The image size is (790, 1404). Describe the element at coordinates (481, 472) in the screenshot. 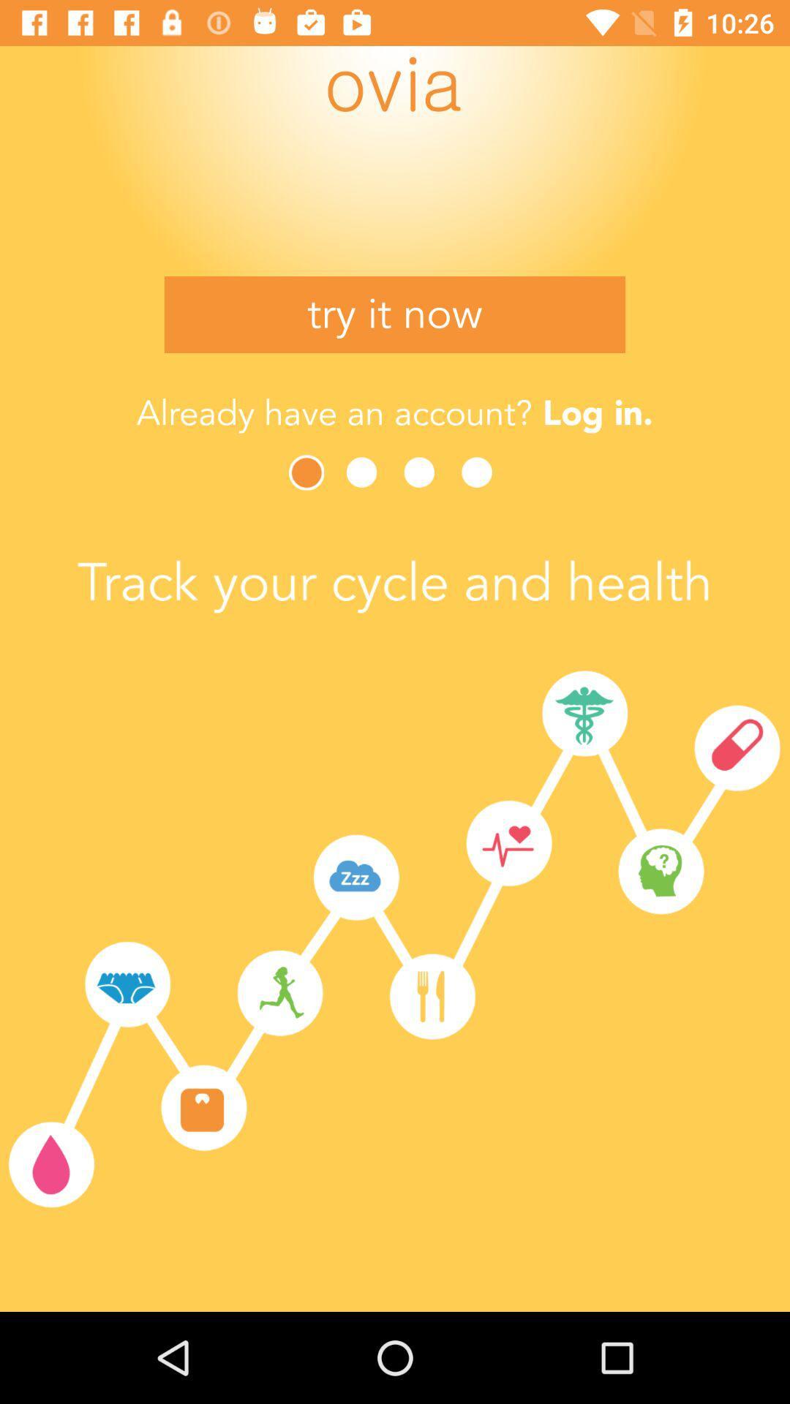

I see `step 4` at that location.